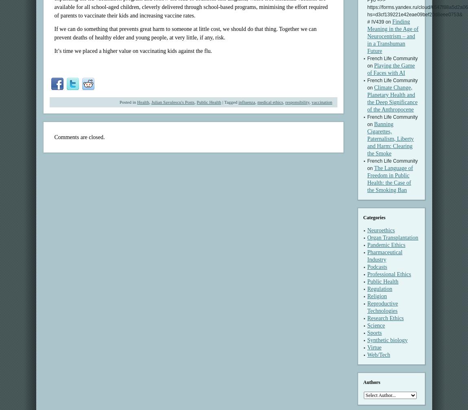 This screenshot has width=468, height=410. I want to click on 'vaccination', so click(321, 102).